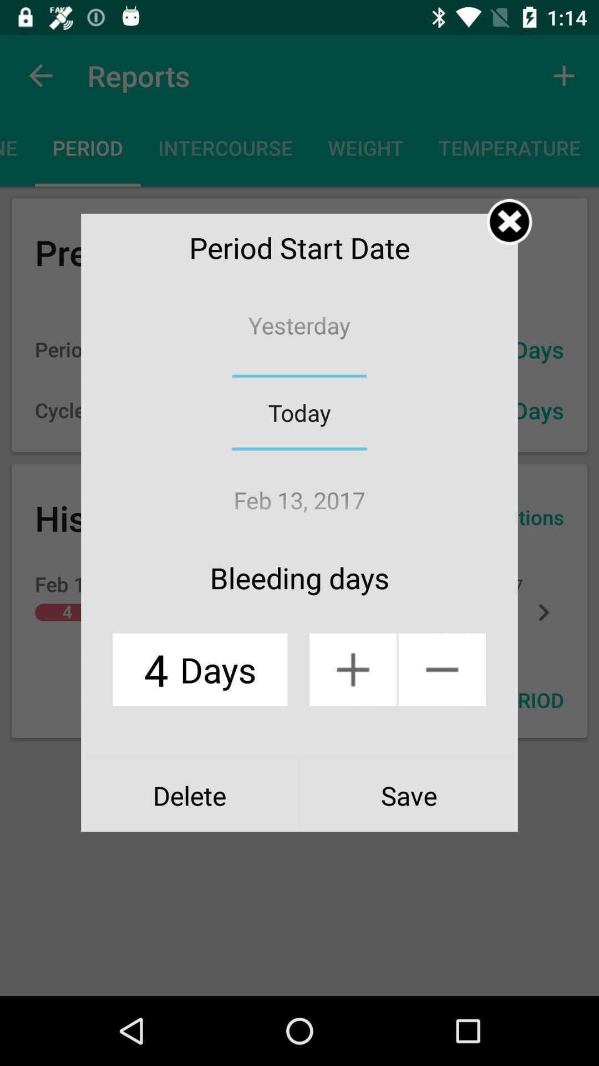 The height and width of the screenshot is (1066, 599). I want to click on button, so click(509, 222).